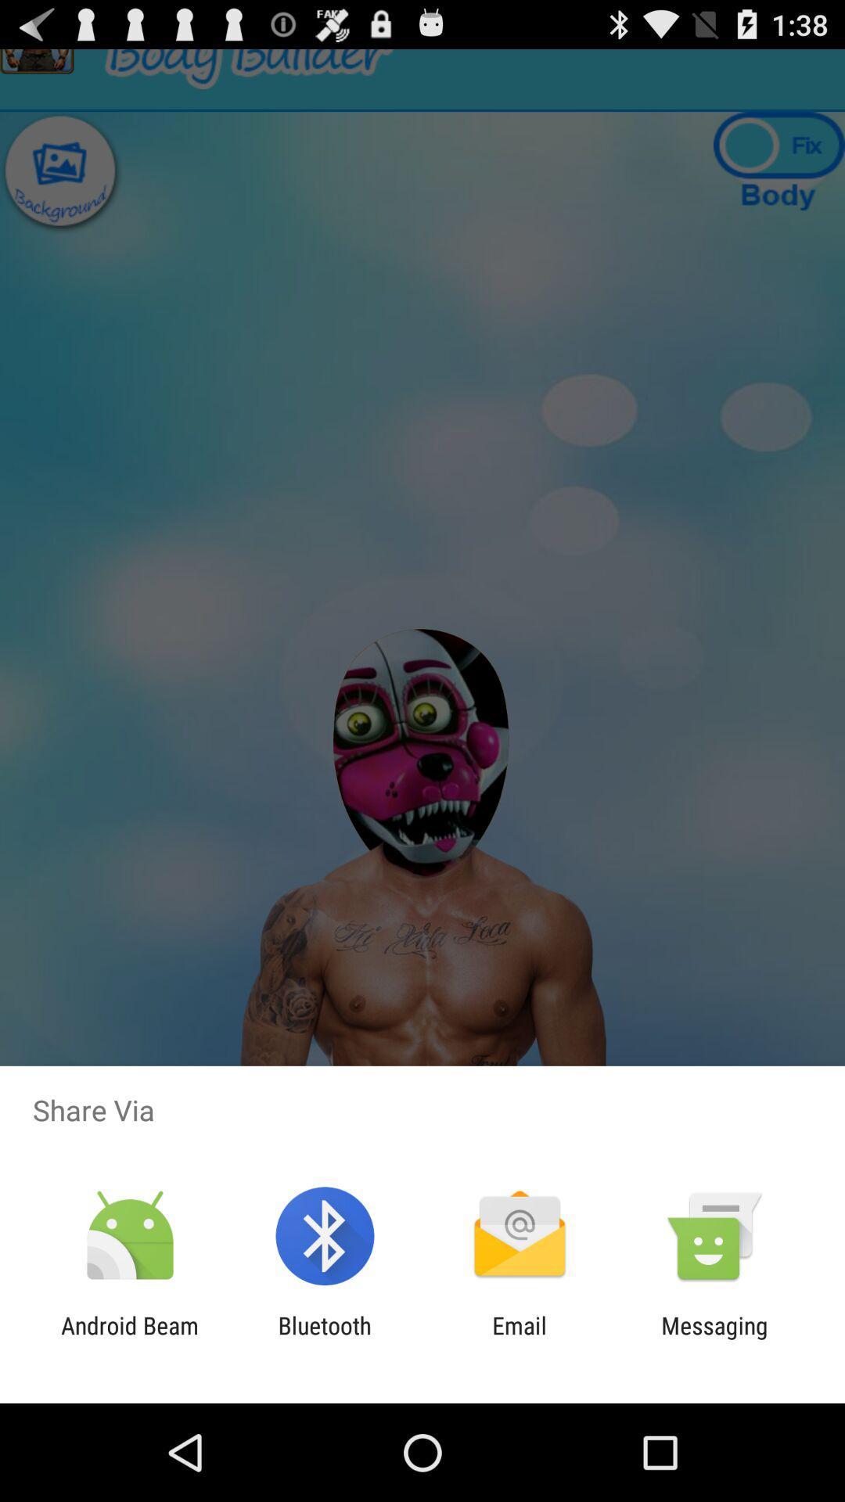  Describe the element at coordinates (324, 1339) in the screenshot. I see `the icon next to android beam app` at that location.